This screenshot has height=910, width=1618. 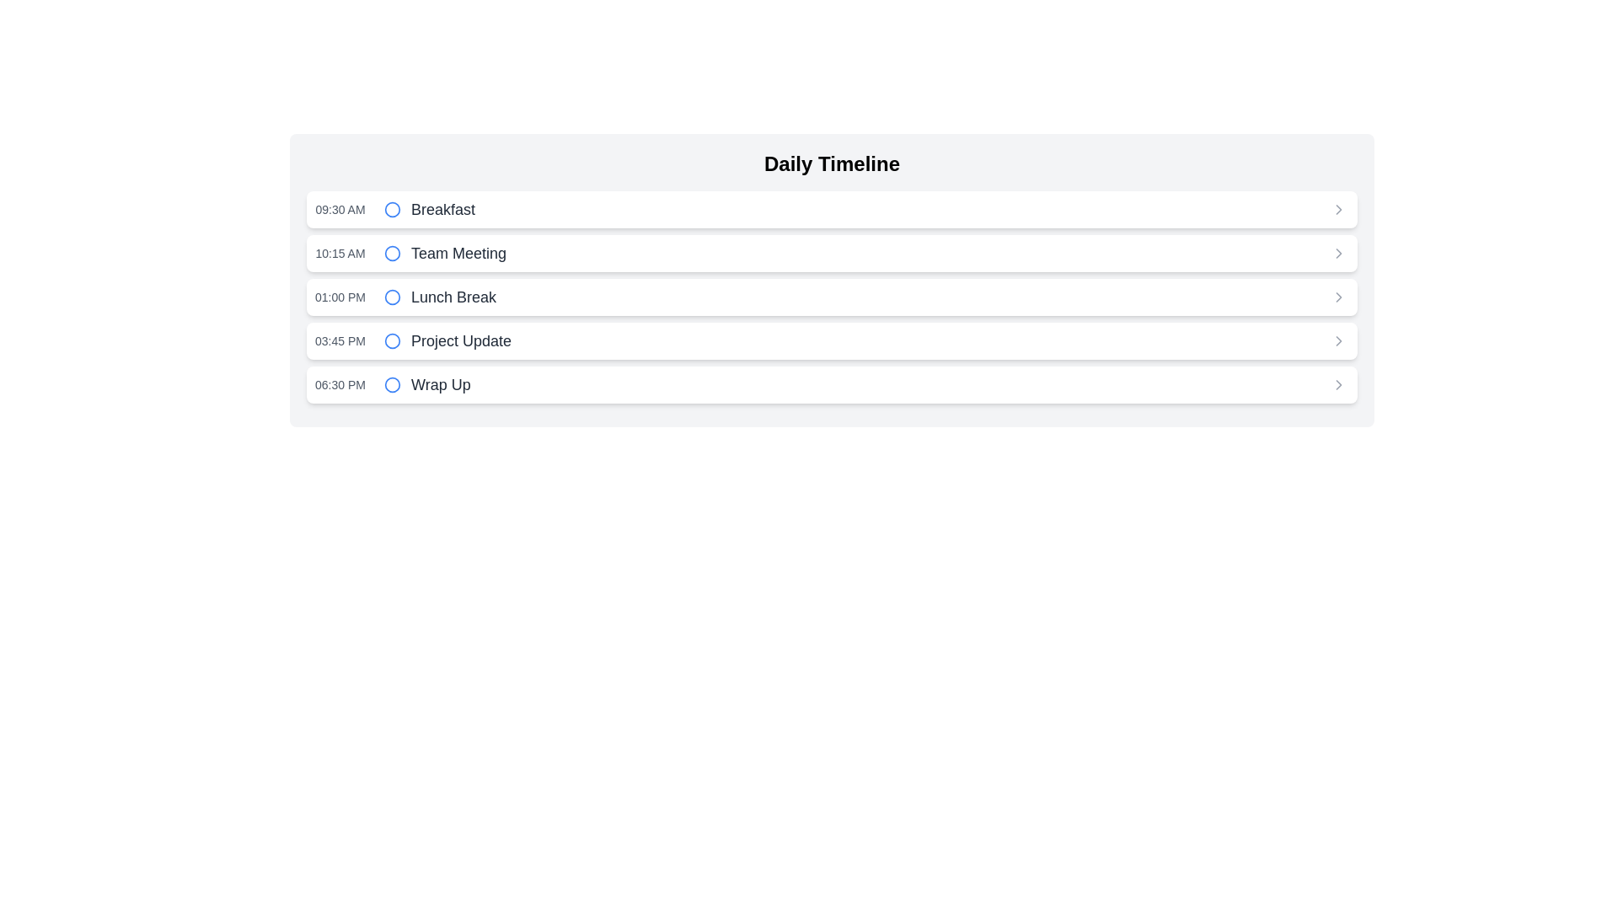 I want to click on the Circular Icon that indicates the 'Lunch Break' event in the daily timeline list, so click(x=391, y=297).